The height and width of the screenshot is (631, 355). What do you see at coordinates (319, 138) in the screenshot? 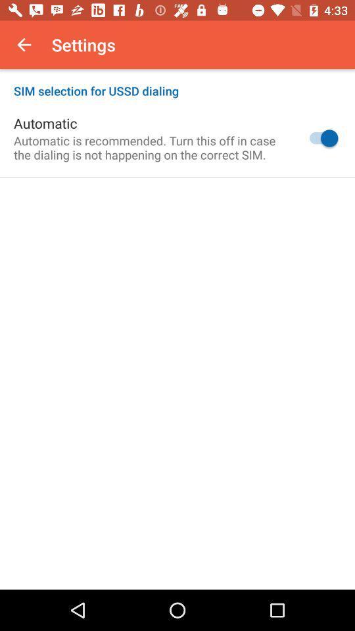
I see `icon at the top right corner` at bounding box center [319, 138].